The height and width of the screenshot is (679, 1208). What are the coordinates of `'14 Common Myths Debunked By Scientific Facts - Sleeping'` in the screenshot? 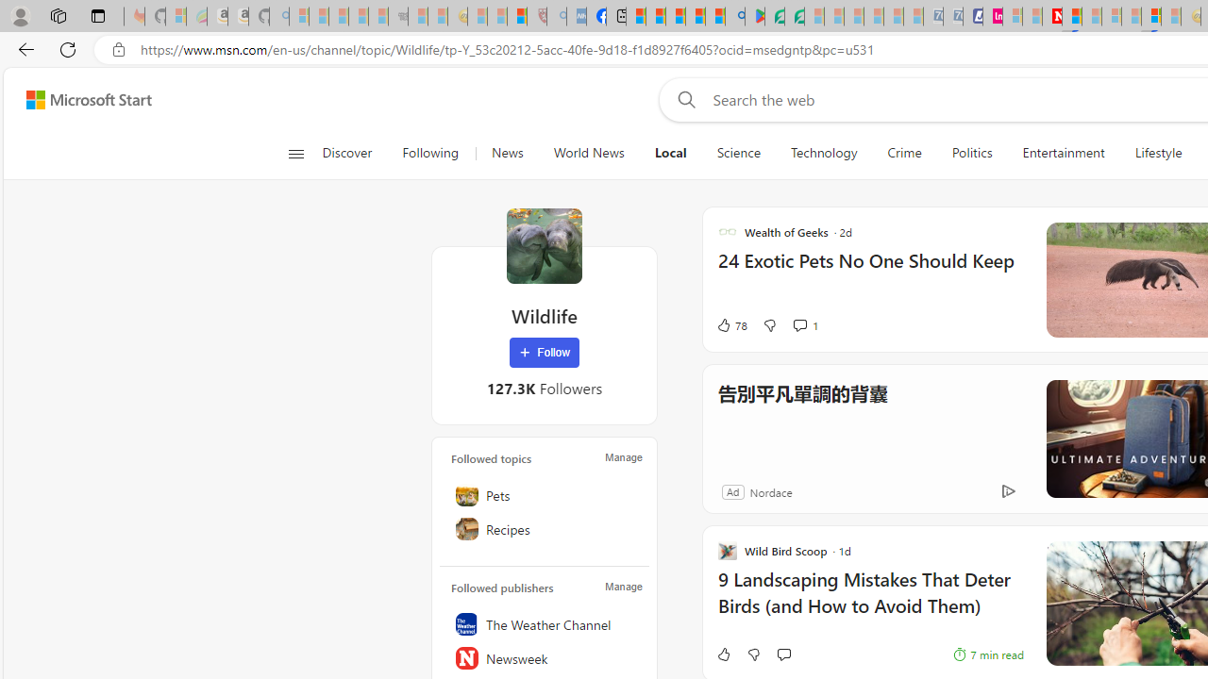 It's located at (1092, 16).